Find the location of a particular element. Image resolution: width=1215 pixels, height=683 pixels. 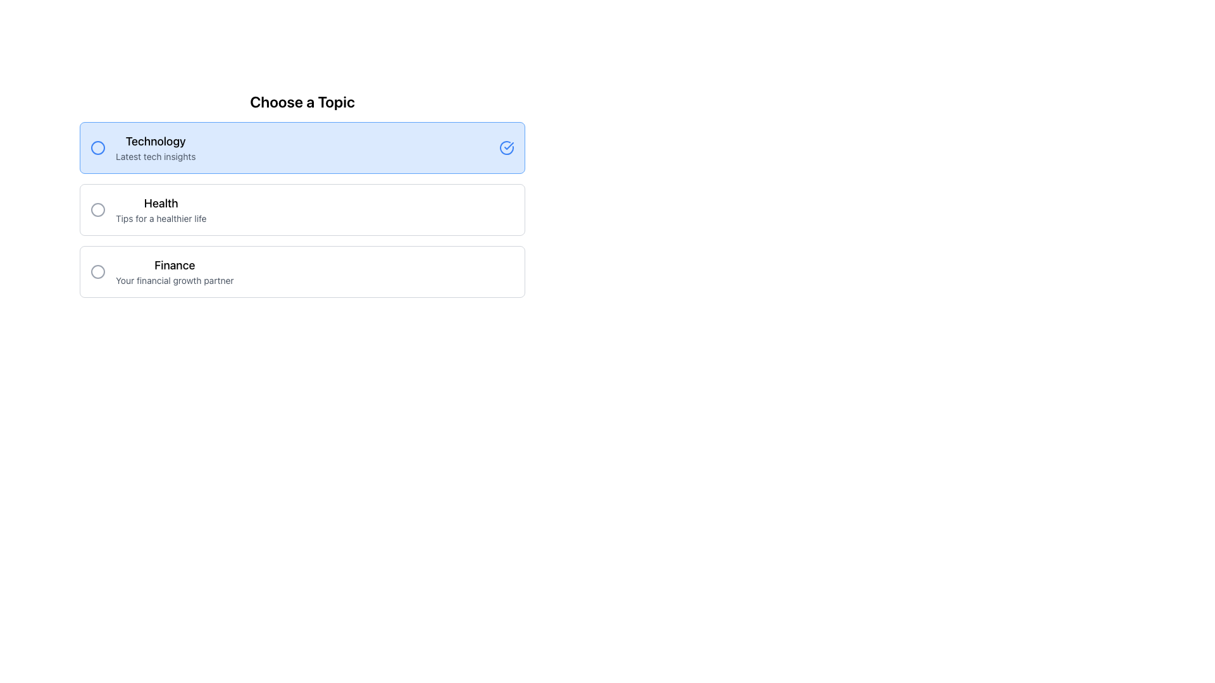

the text label that provides a brief description for the topic labeled 'Technology', located beneath the 'Technology' text is located at coordinates (155, 156).